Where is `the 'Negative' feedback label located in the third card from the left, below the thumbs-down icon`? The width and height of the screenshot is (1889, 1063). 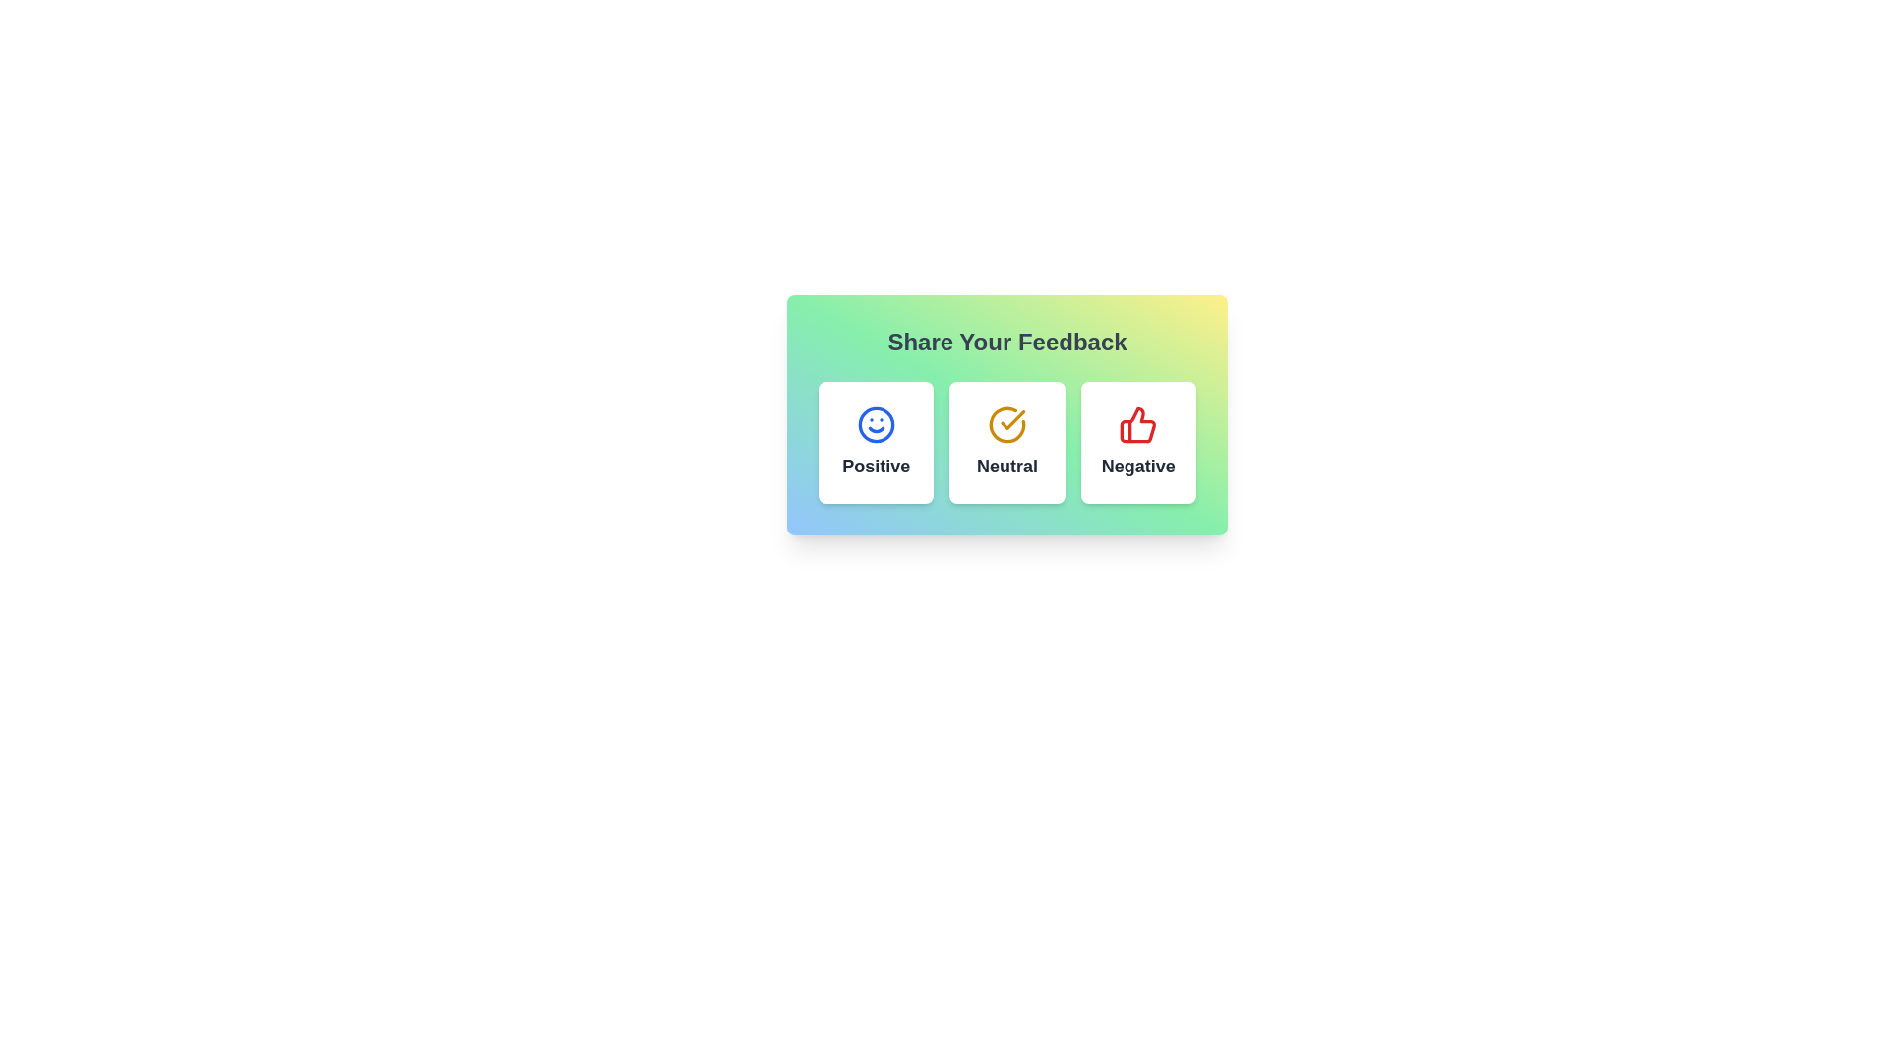 the 'Negative' feedback label located in the third card from the left, below the thumbs-down icon is located at coordinates (1138, 467).